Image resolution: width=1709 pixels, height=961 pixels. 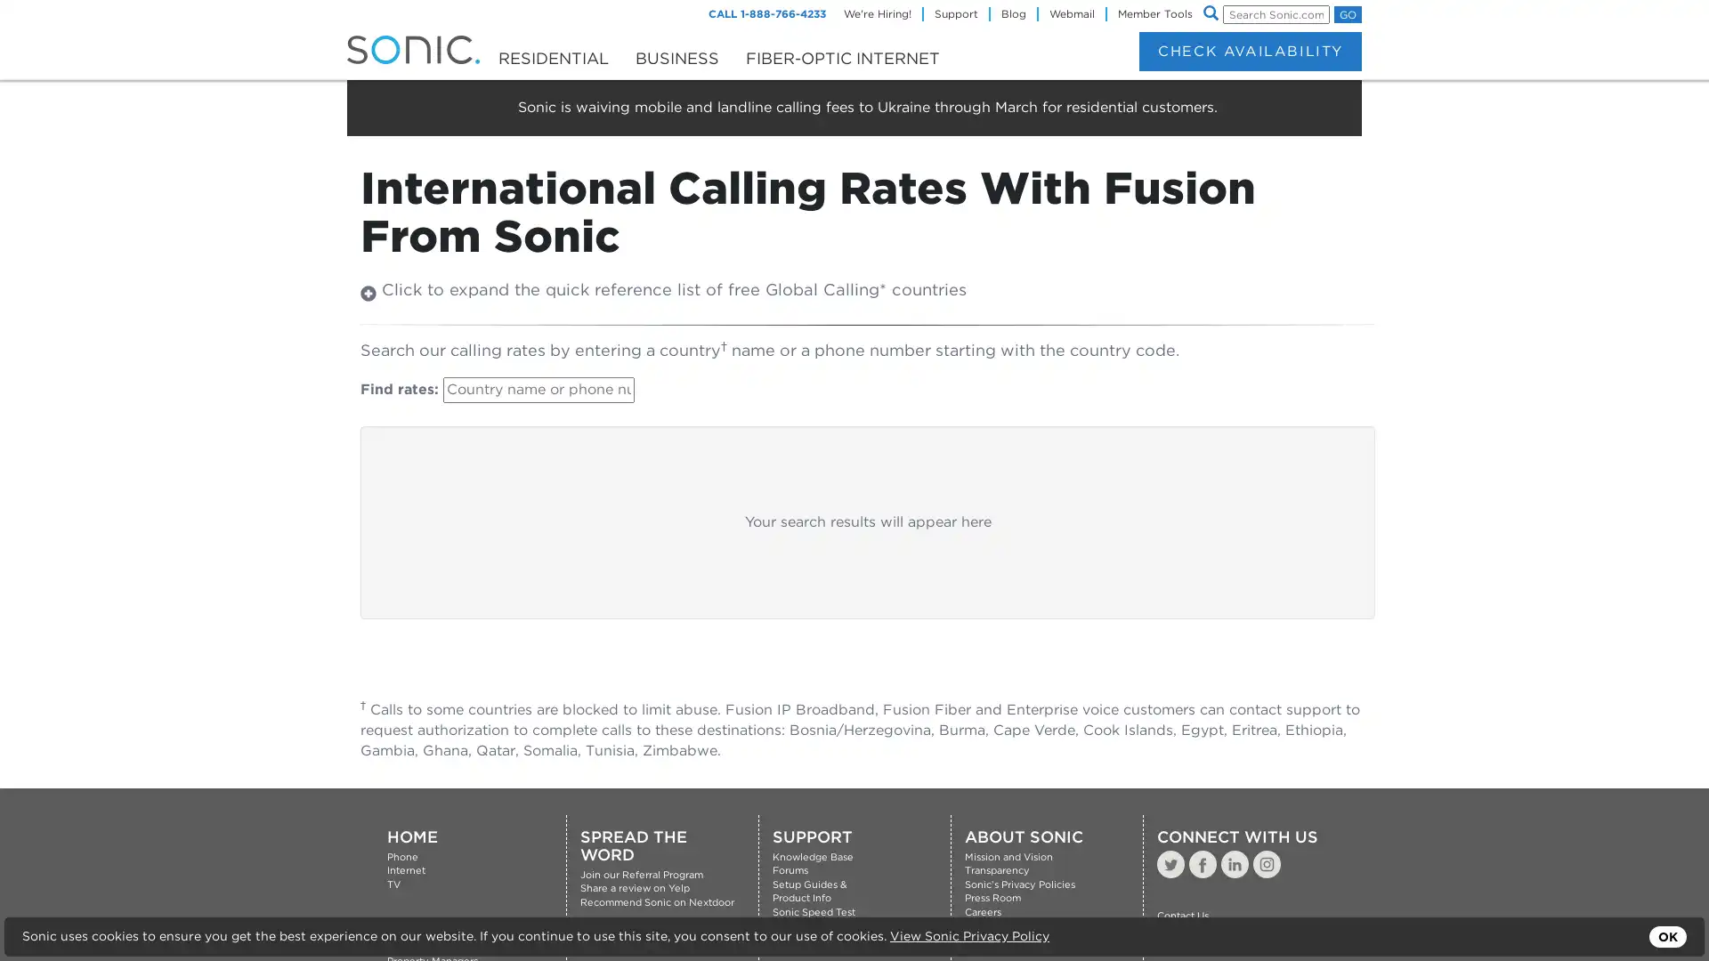 I want to click on Click to expand the quick reference list of free Global Calling* countries, so click(x=662, y=287).